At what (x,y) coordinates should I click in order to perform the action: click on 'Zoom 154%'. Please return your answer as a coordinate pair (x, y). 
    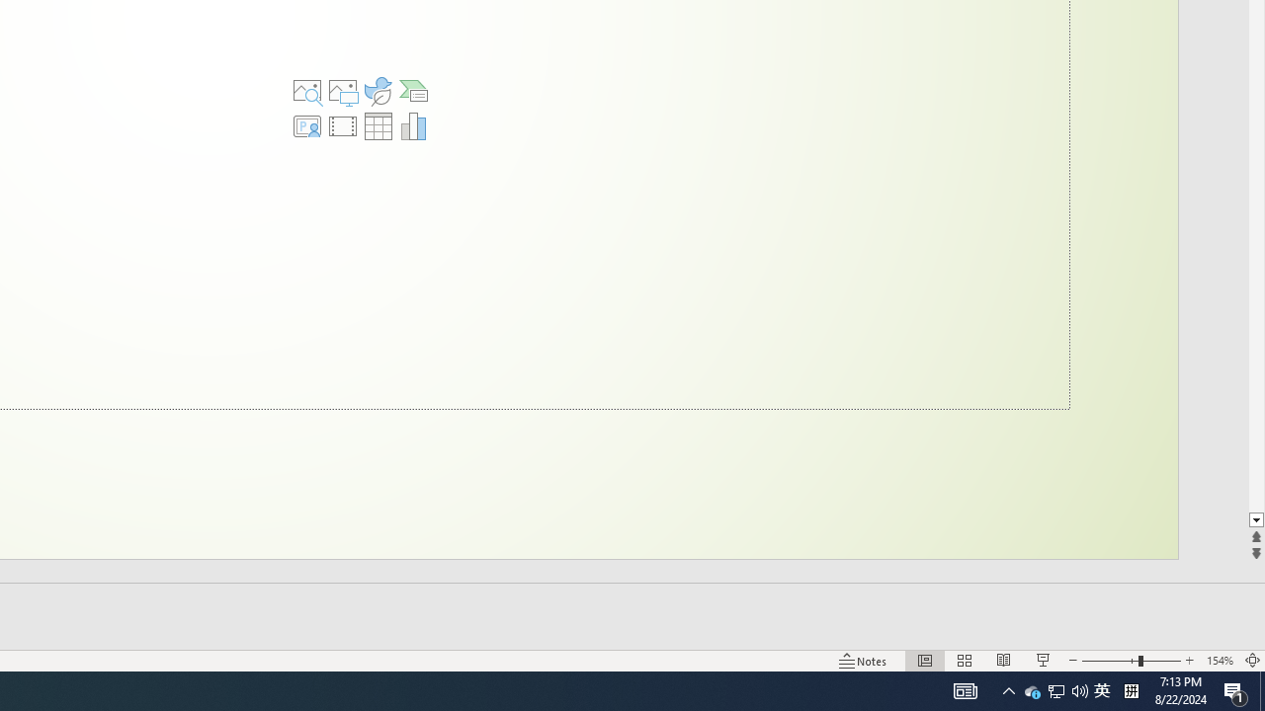
    Looking at the image, I should click on (1219, 661).